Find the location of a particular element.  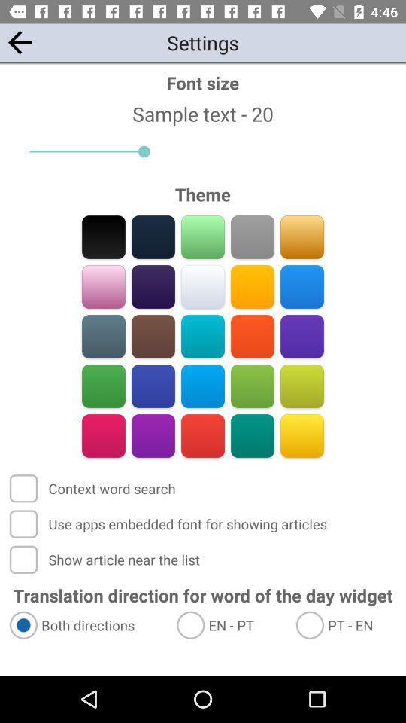

orange theme color is located at coordinates (252, 286).